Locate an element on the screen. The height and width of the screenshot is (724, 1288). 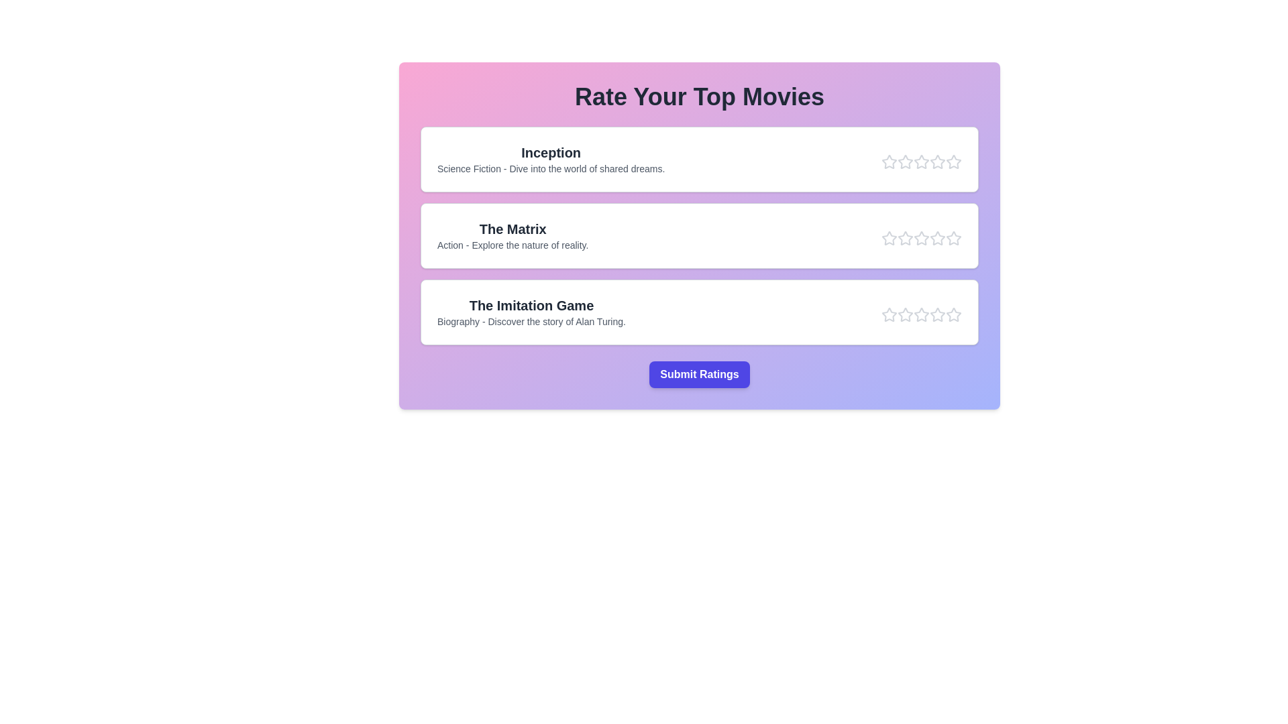
the movie title or description of The Matrix is located at coordinates (512, 229).